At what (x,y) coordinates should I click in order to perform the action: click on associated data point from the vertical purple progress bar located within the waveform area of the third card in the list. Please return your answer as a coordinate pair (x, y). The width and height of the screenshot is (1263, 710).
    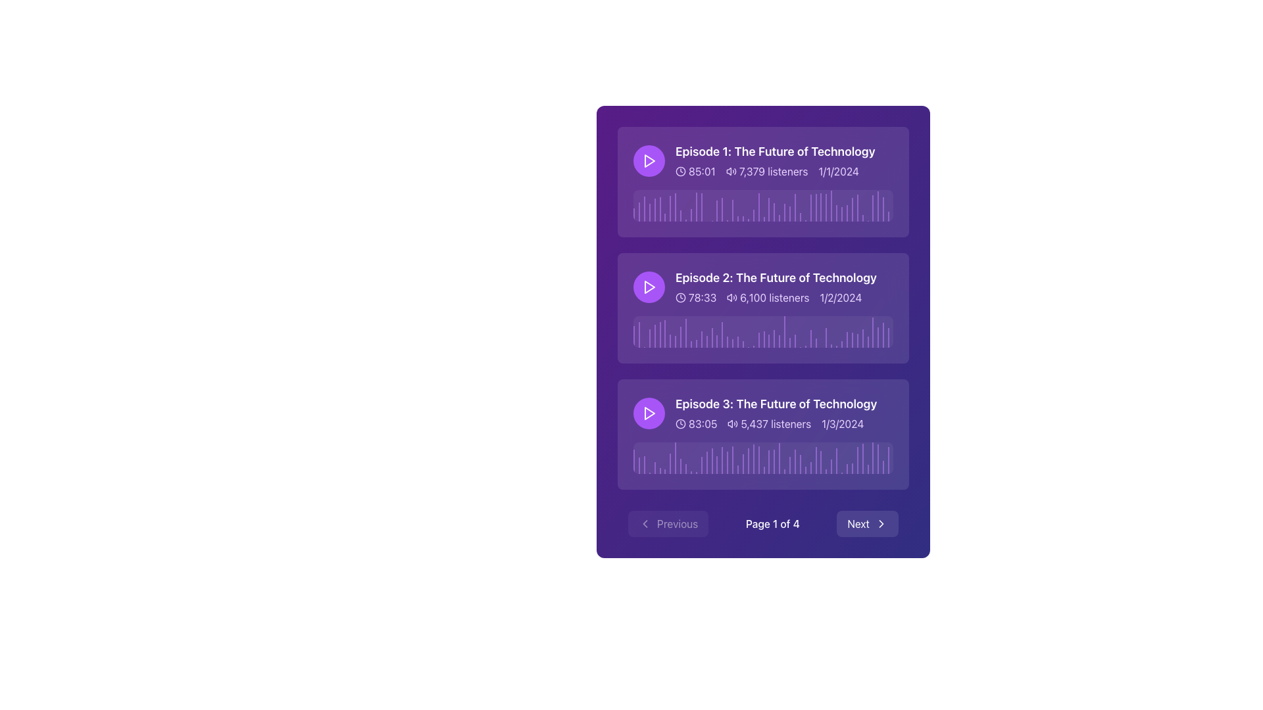
    Looking at the image, I should click on (780, 458).